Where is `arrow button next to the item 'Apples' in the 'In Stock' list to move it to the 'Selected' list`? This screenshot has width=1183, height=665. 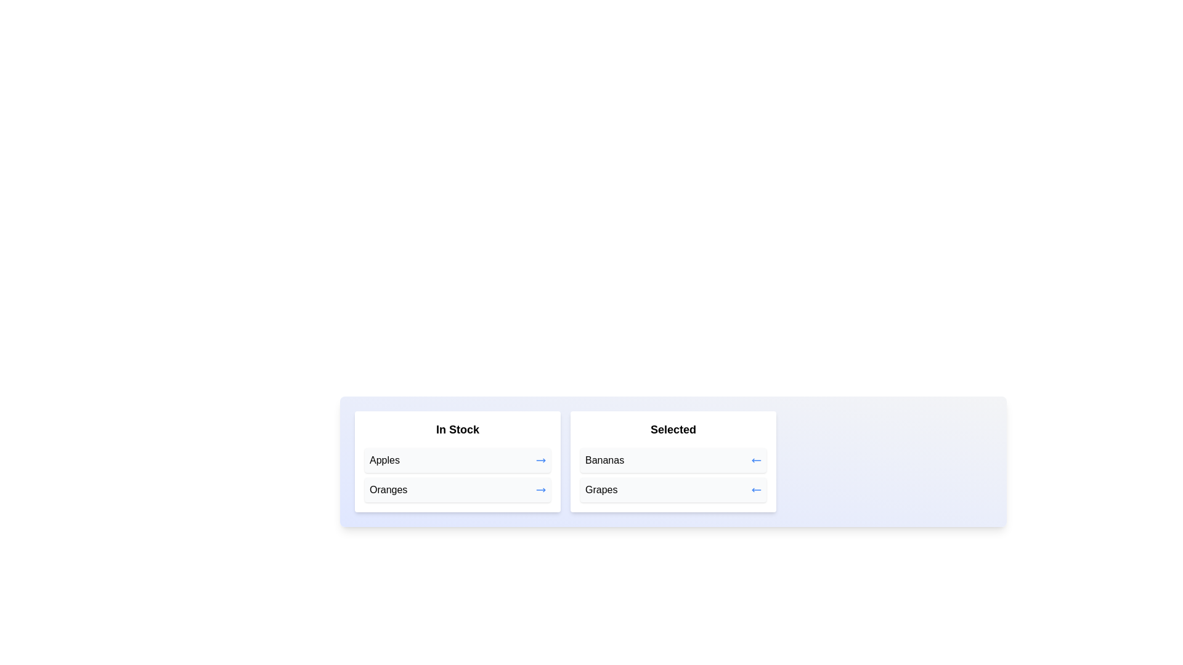 arrow button next to the item 'Apples' in the 'In Stock' list to move it to the 'Selected' list is located at coordinates (541, 461).